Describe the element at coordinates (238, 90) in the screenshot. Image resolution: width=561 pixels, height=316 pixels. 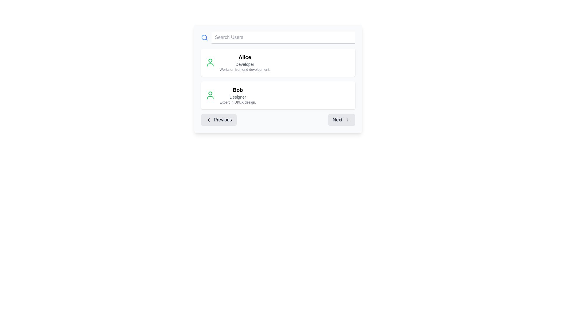
I see `the text label displaying 'Bob', which is styled in bold and positioned at the top of the second user information block` at that location.